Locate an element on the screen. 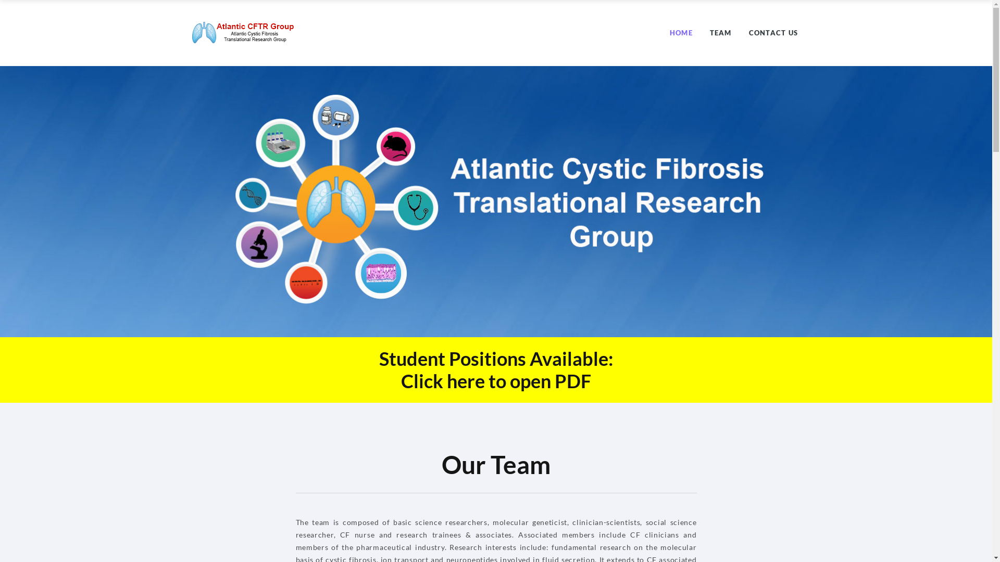  'TEAM' is located at coordinates (709, 32).